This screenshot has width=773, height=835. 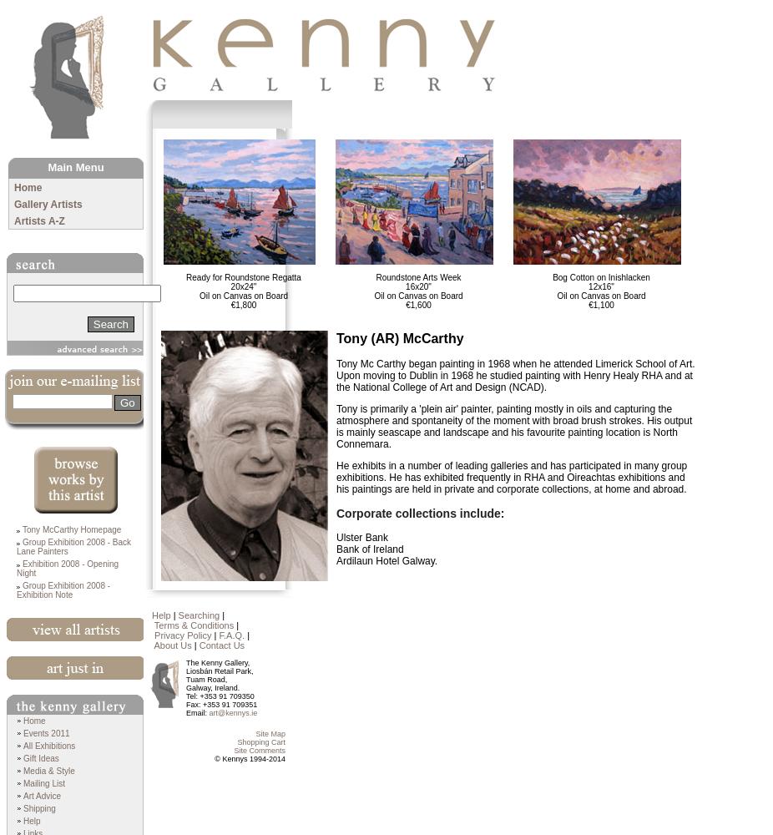 I want to click on 'All Exhibitions', so click(x=48, y=746).